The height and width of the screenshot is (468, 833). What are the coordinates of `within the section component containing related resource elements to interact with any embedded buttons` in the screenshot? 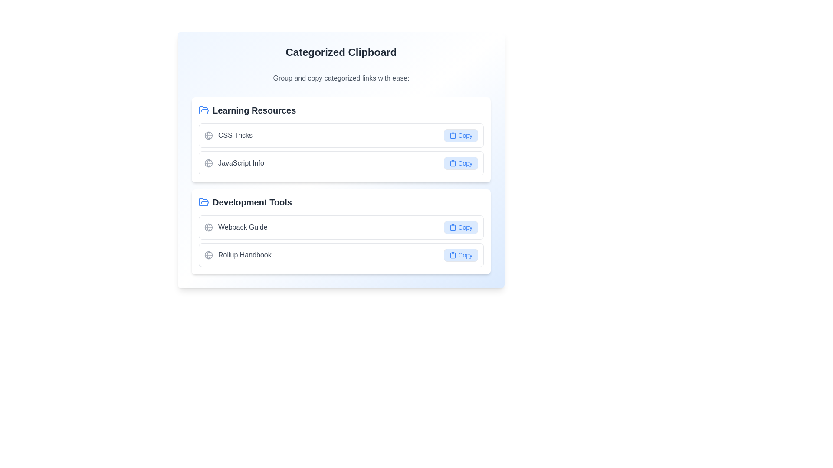 It's located at (341, 140).